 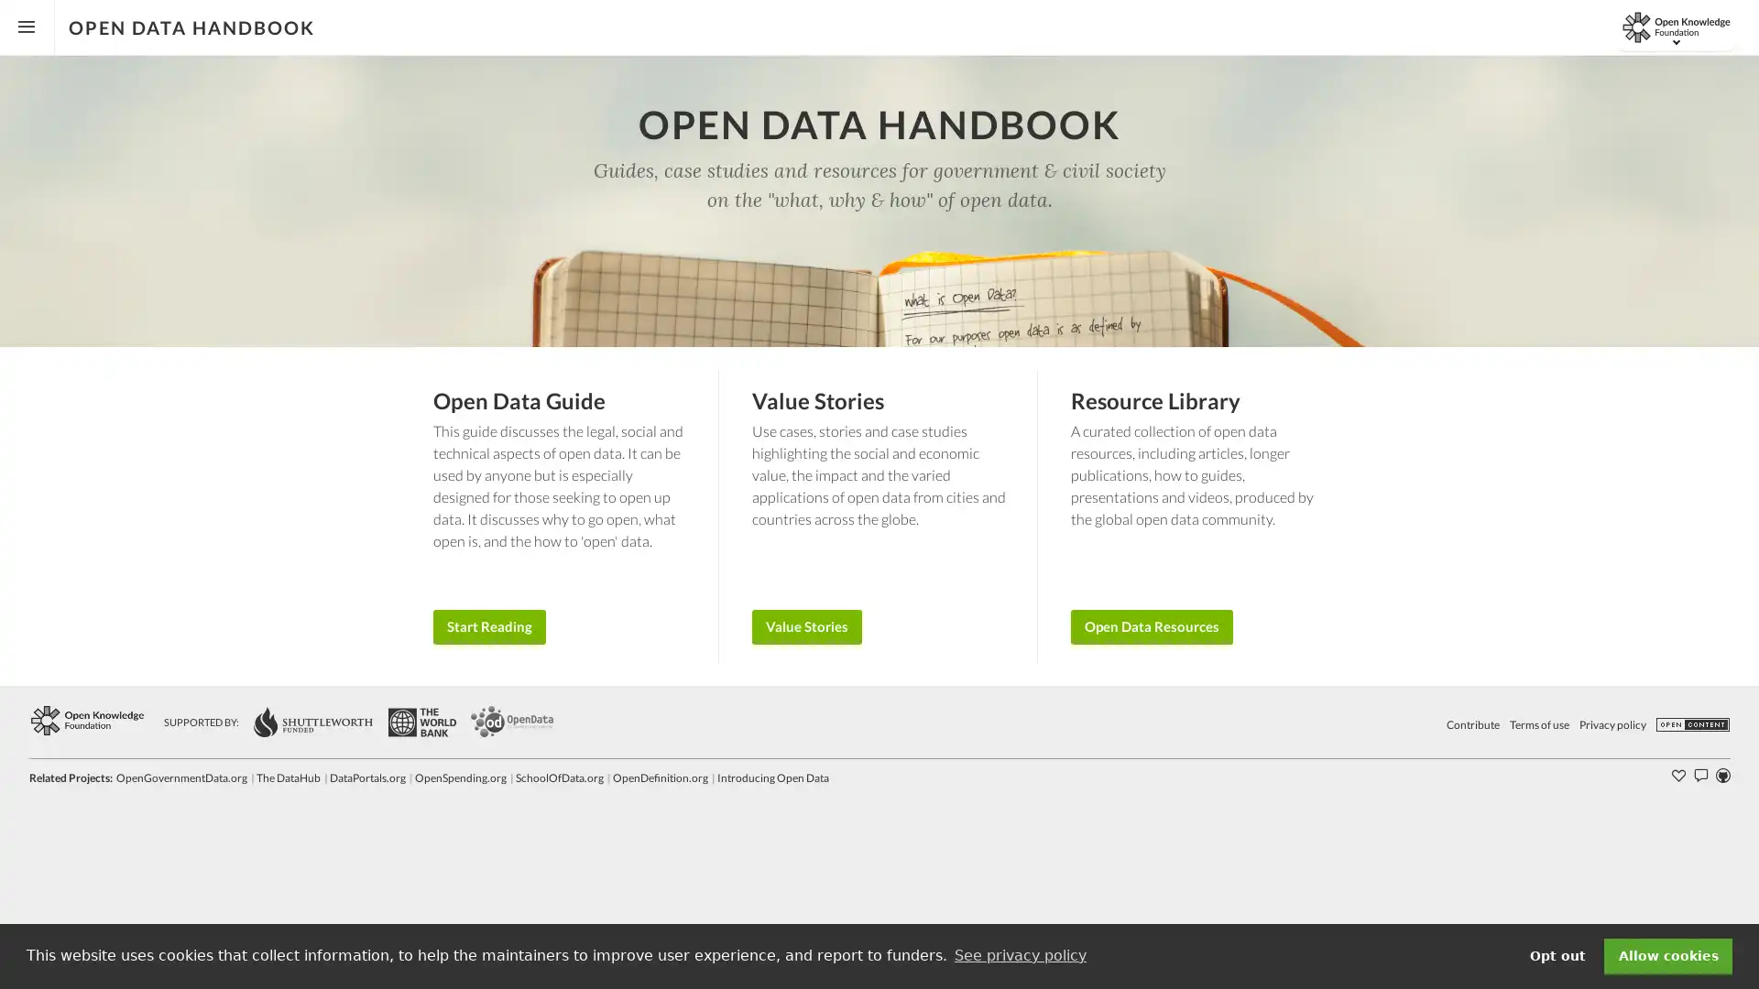 What do you see at coordinates (1556, 955) in the screenshot?
I see `deny cookies` at bounding box center [1556, 955].